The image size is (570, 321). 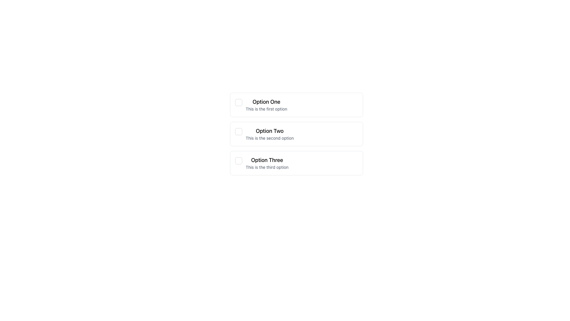 I want to click on the static text content that describes the third selectable option in the vertically arranged list, located below 'Option One' and 'Option Two', so click(x=267, y=163).